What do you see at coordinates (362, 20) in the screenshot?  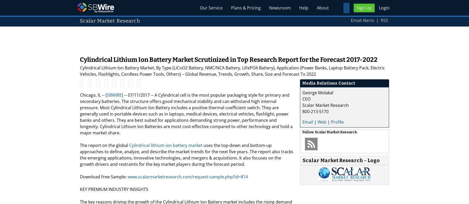 I see `'Email Alerts'` at bounding box center [362, 20].